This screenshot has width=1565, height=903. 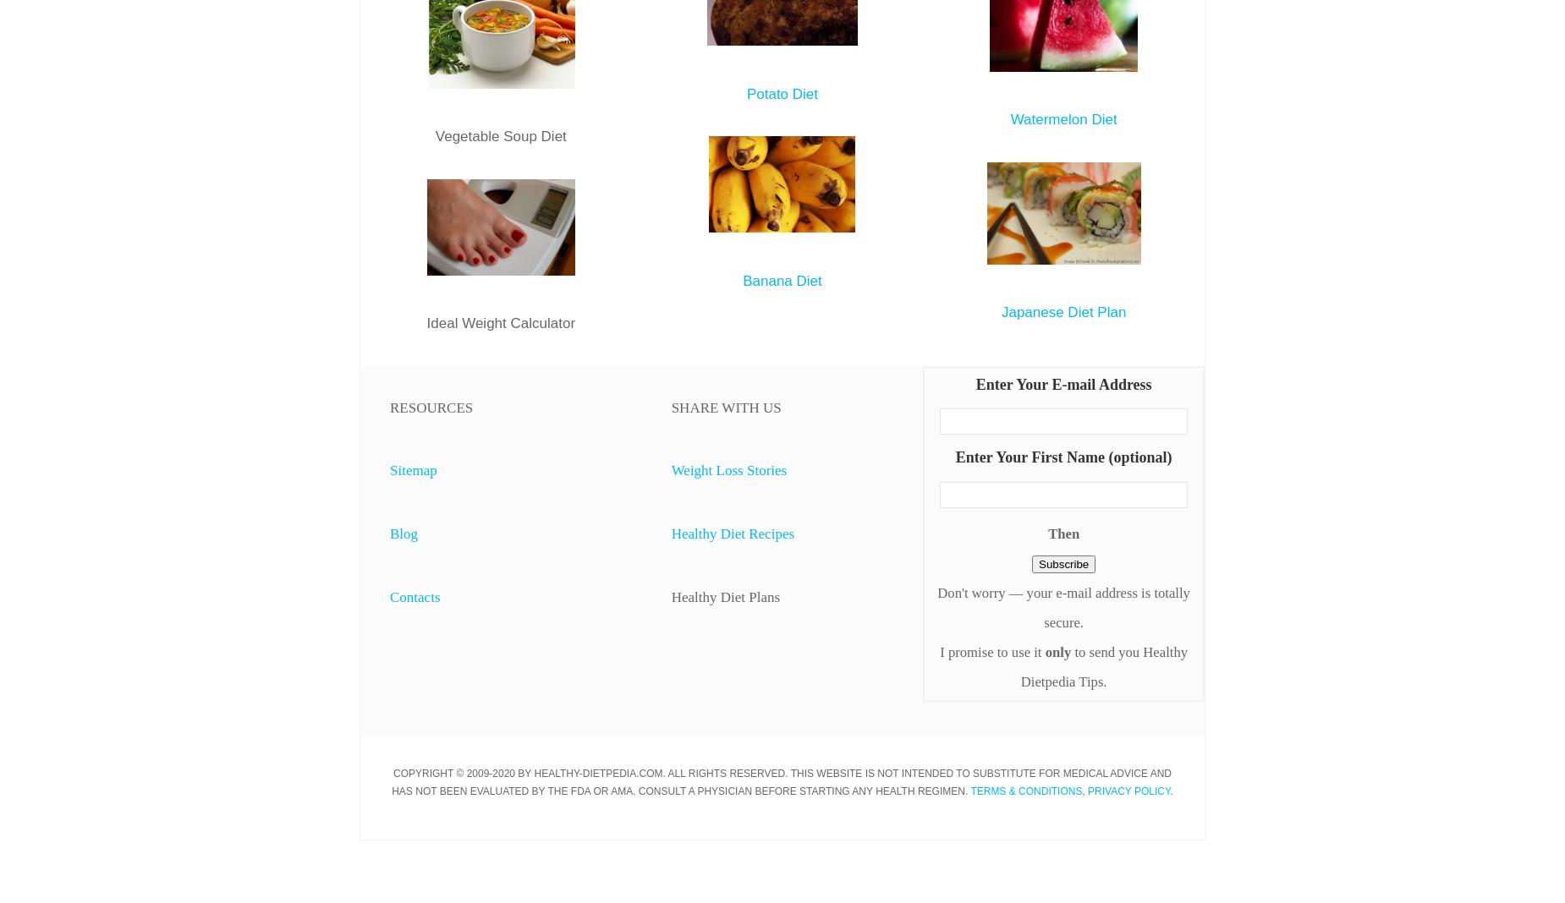 What do you see at coordinates (1063, 384) in the screenshot?
I see `'Enter Your E-mail Address'` at bounding box center [1063, 384].